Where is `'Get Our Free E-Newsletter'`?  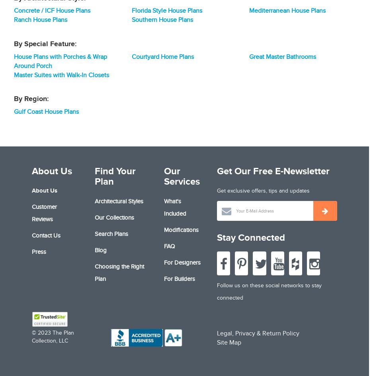 'Get Our Free E-Newsletter' is located at coordinates (273, 171).